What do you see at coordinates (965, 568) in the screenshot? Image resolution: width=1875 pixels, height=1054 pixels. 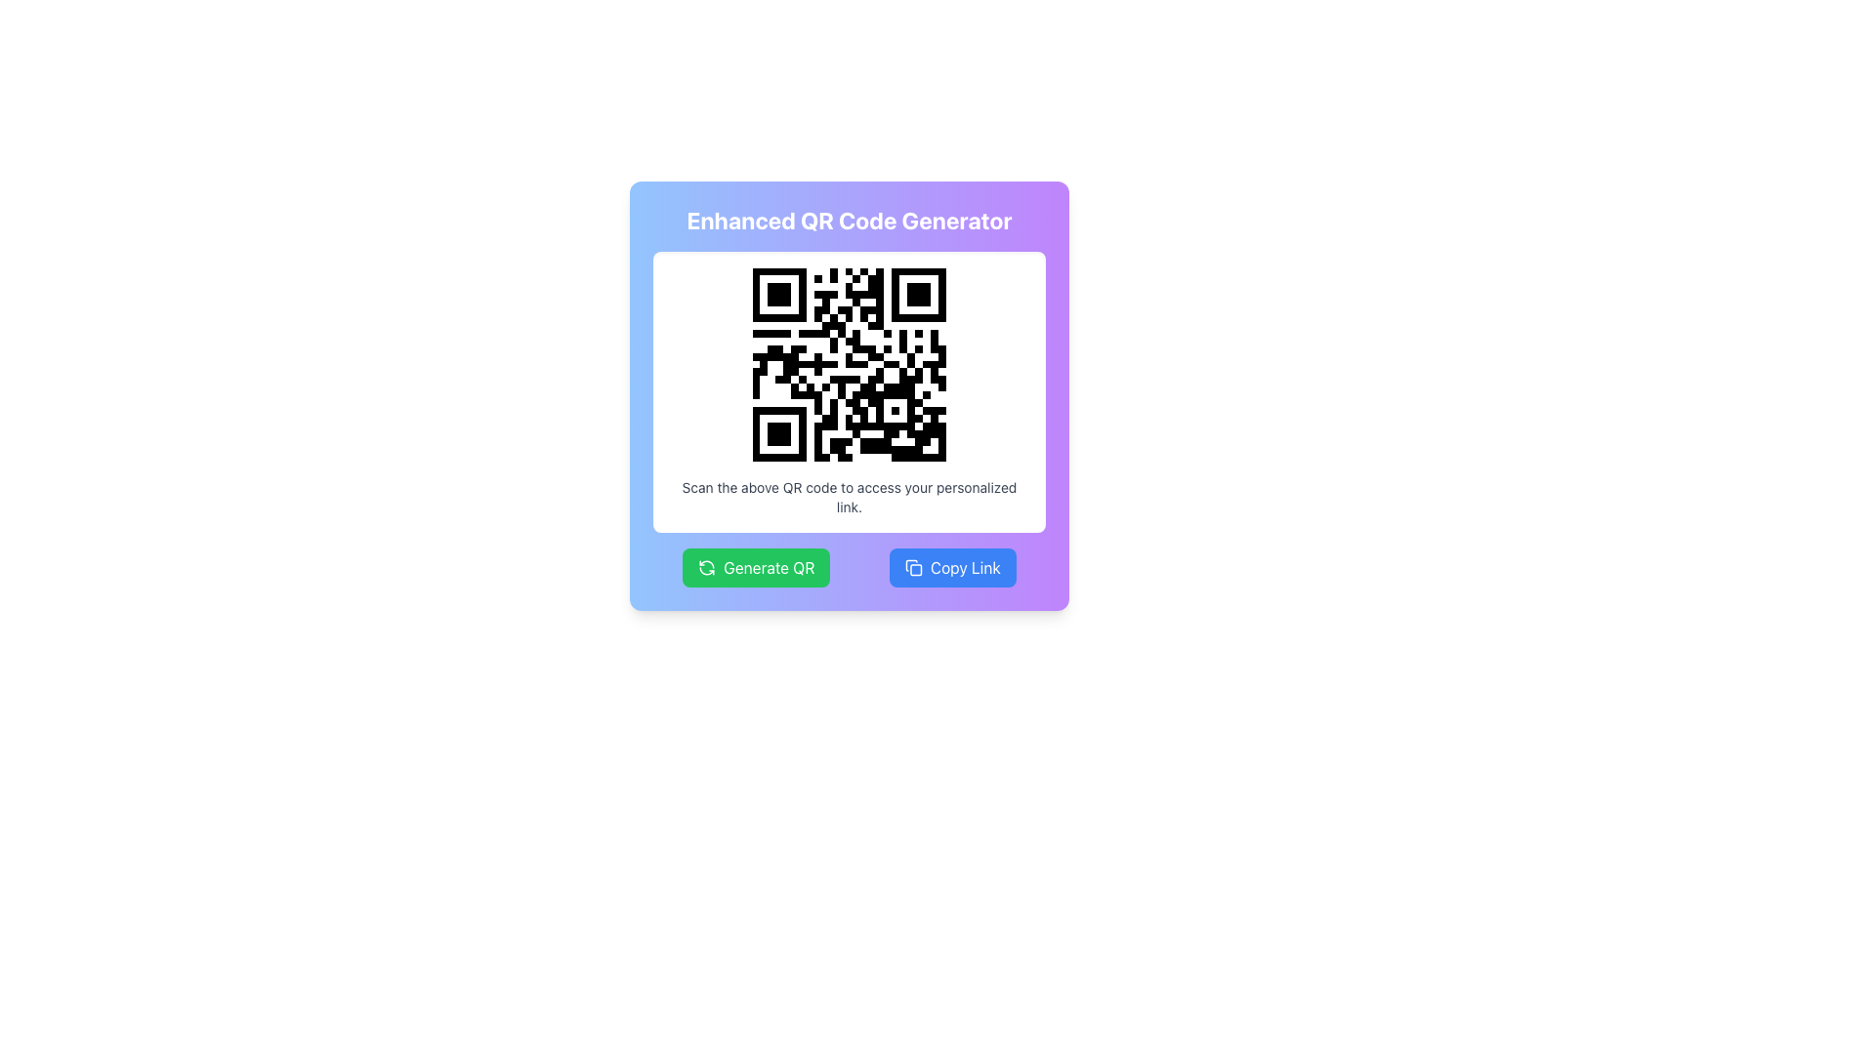 I see `the 'Copy Link' button, which is a blue rectangular button with white text` at bounding box center [965, 568].